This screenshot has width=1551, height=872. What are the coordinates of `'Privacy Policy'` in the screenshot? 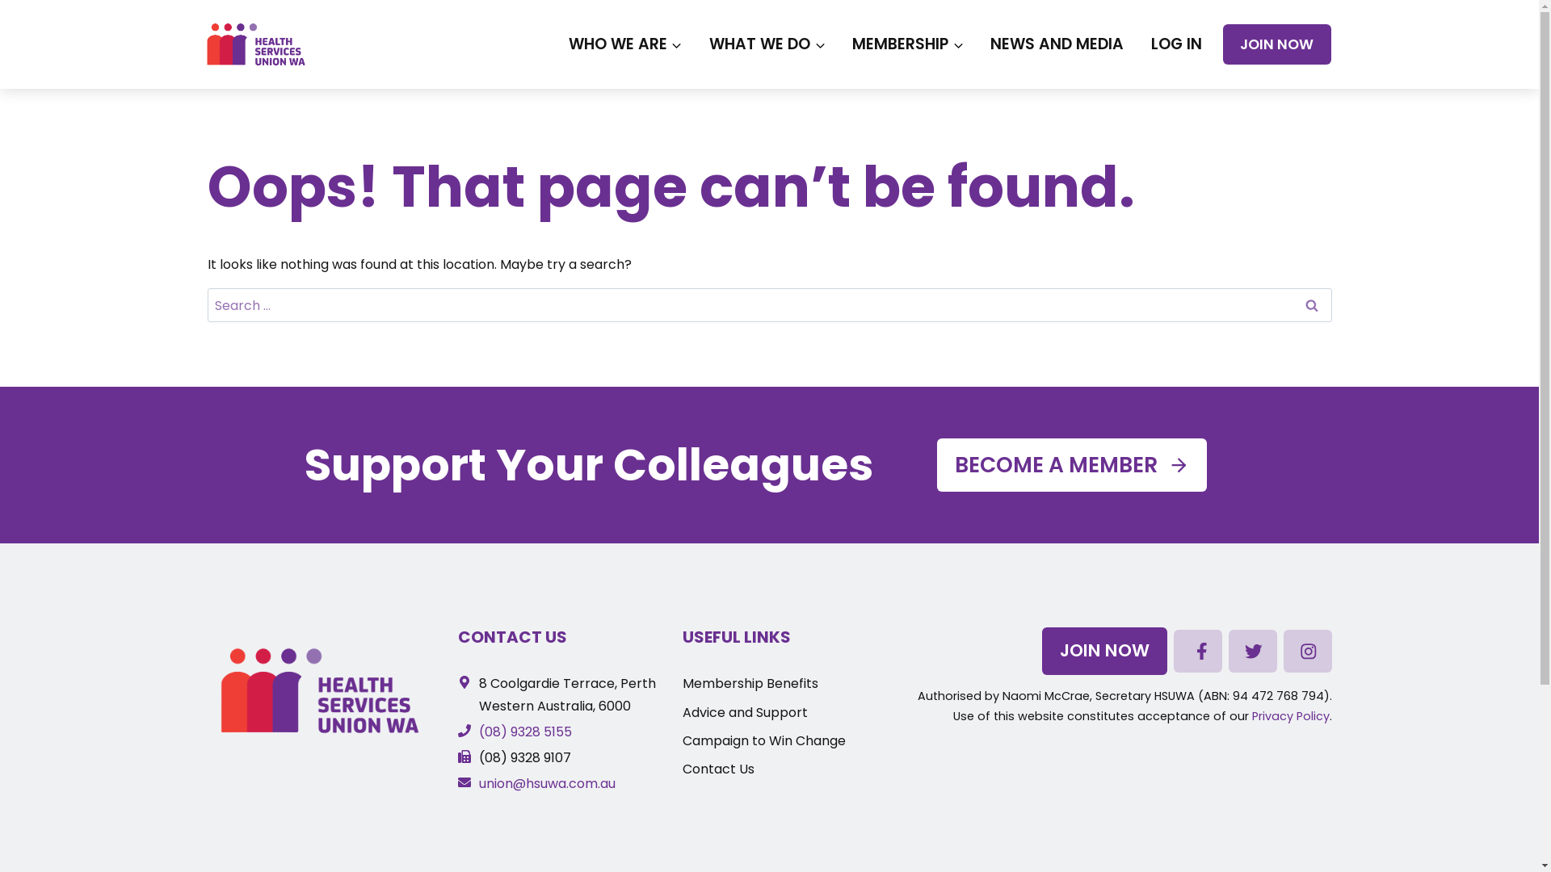 It's located at (1251, 715).